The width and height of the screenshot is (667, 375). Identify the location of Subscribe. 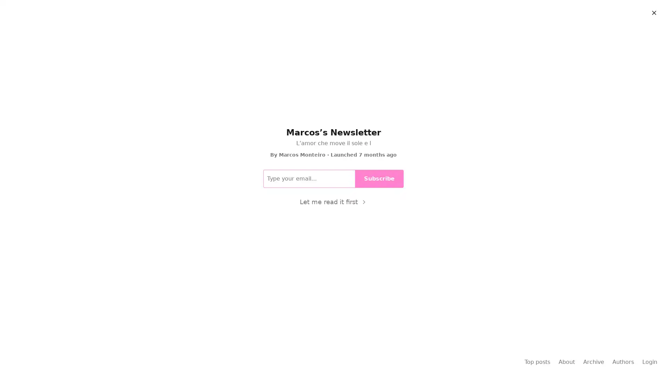
(379, 178).